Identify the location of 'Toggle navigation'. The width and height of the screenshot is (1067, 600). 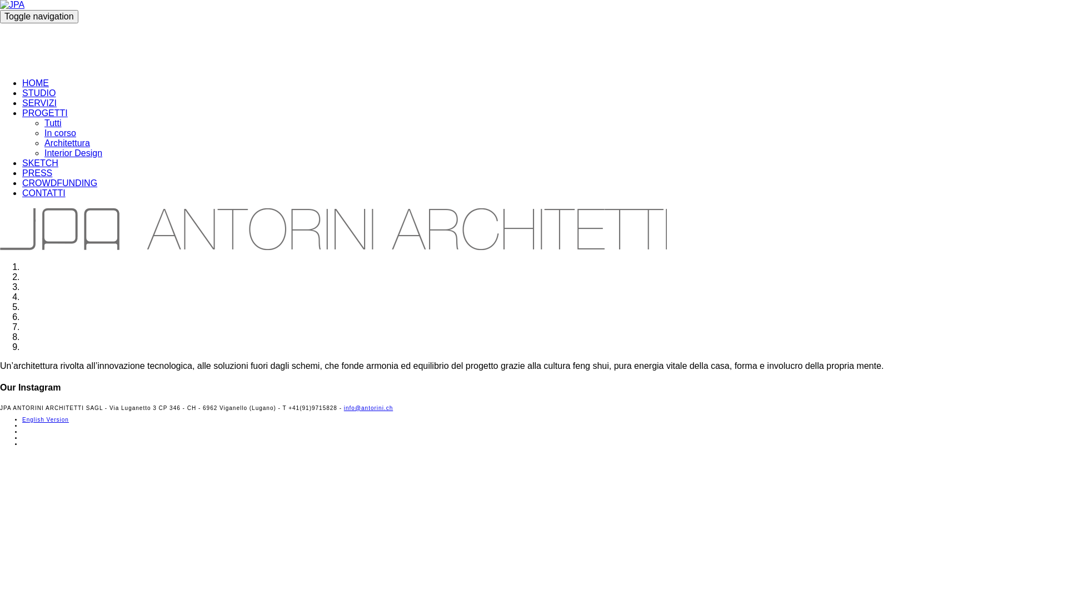
(39, 17).